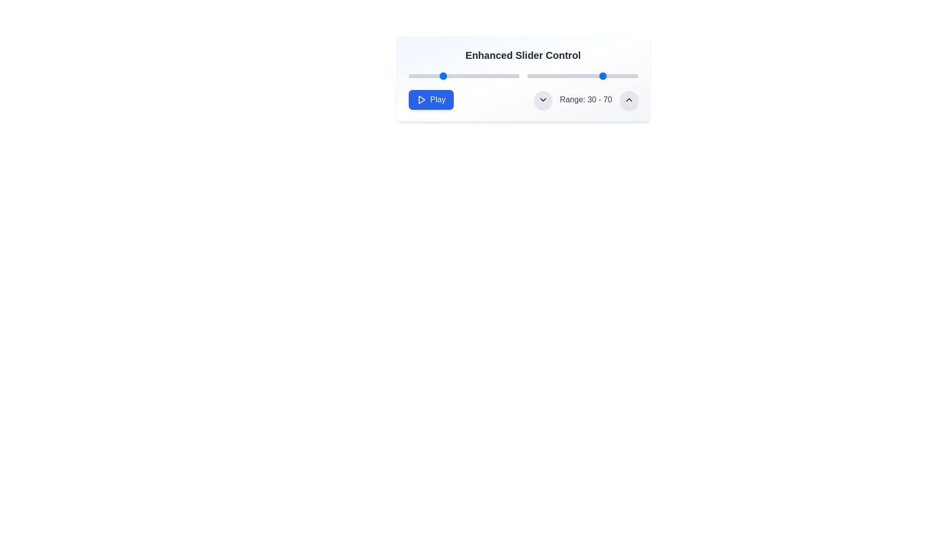 This screenshot has height=534, width=949. Describe the element at coordinates (586, 99) in the screenshot. I see `the Static Text Display that shows the current range selection, located centrally between two circular buttons with chevron icons pointing downwards and upwards` at that location.